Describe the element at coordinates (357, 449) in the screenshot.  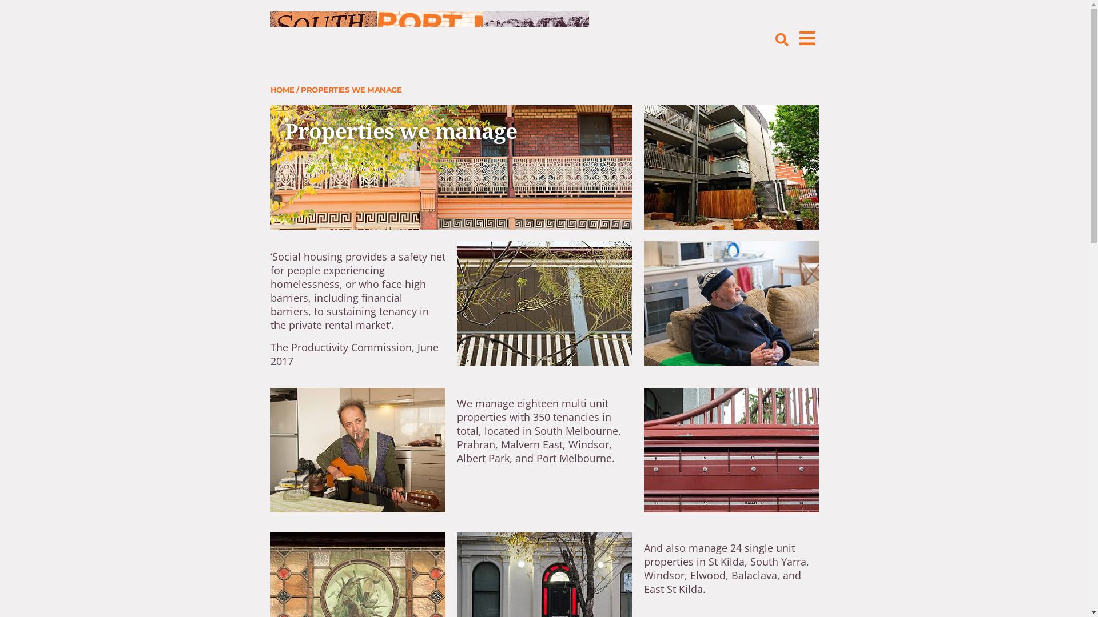
I see `'properties_4'` at that location.